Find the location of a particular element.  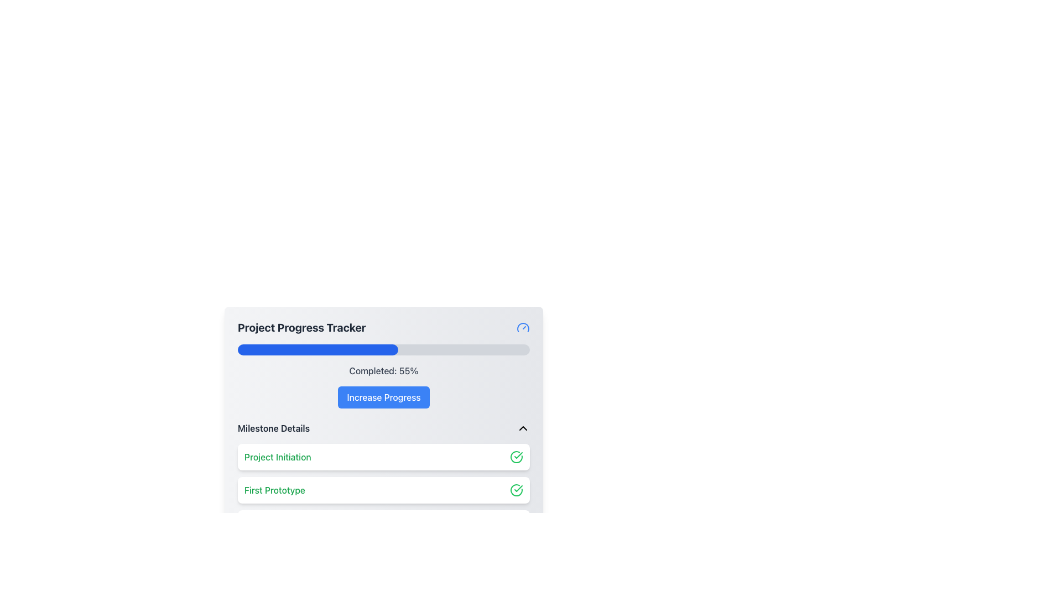

the left part of the circular checkmark icon representing the completed milestone for the 'Project Initiation' step in the 'Milestone Details' section is located at coordinates (516, 457).